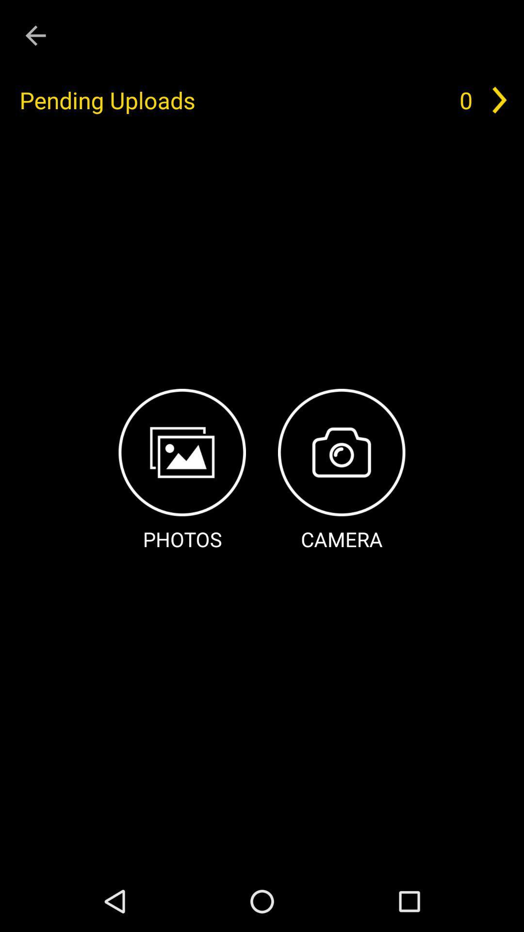 Image resolution: width=524 pixels, height=932 pixels. Describe the element at coordinates (341, 471) in the screenshot. I see `the camera item` at that location.